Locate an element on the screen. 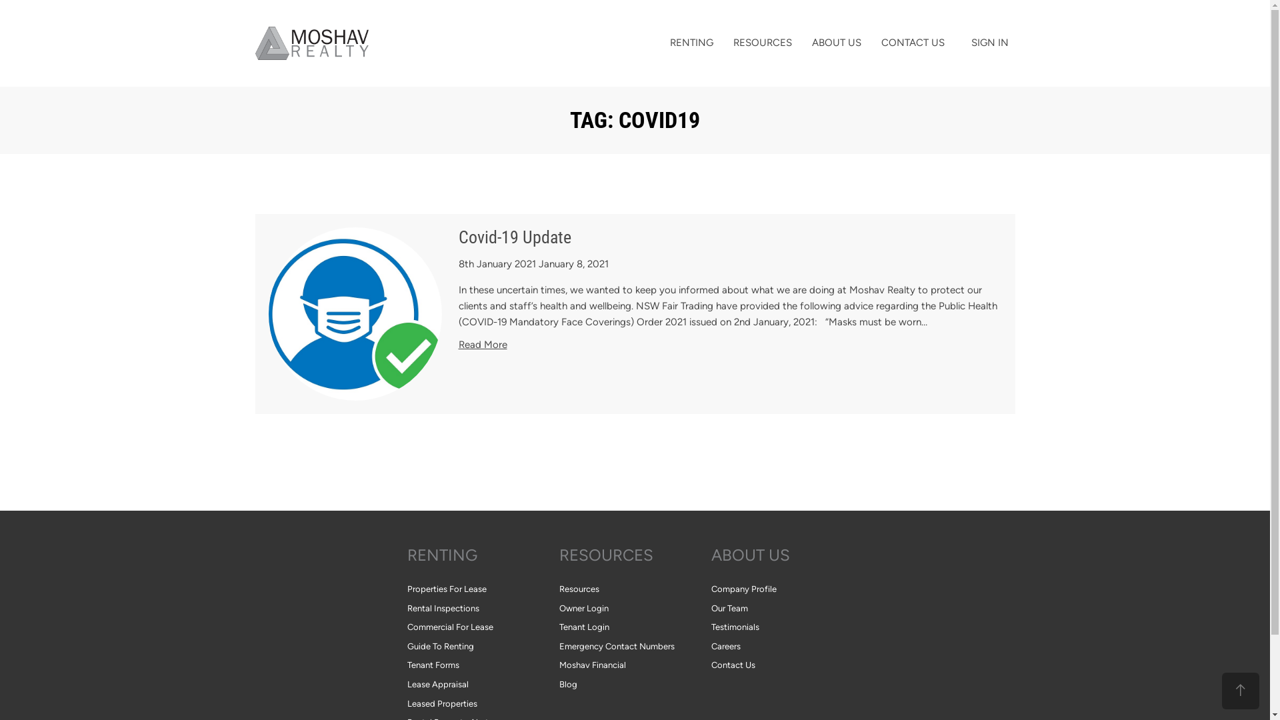 Image resolution: width=1280 pixels, height=720 pixels. 'Tenant Forms' is located at coordinates (482, 665).